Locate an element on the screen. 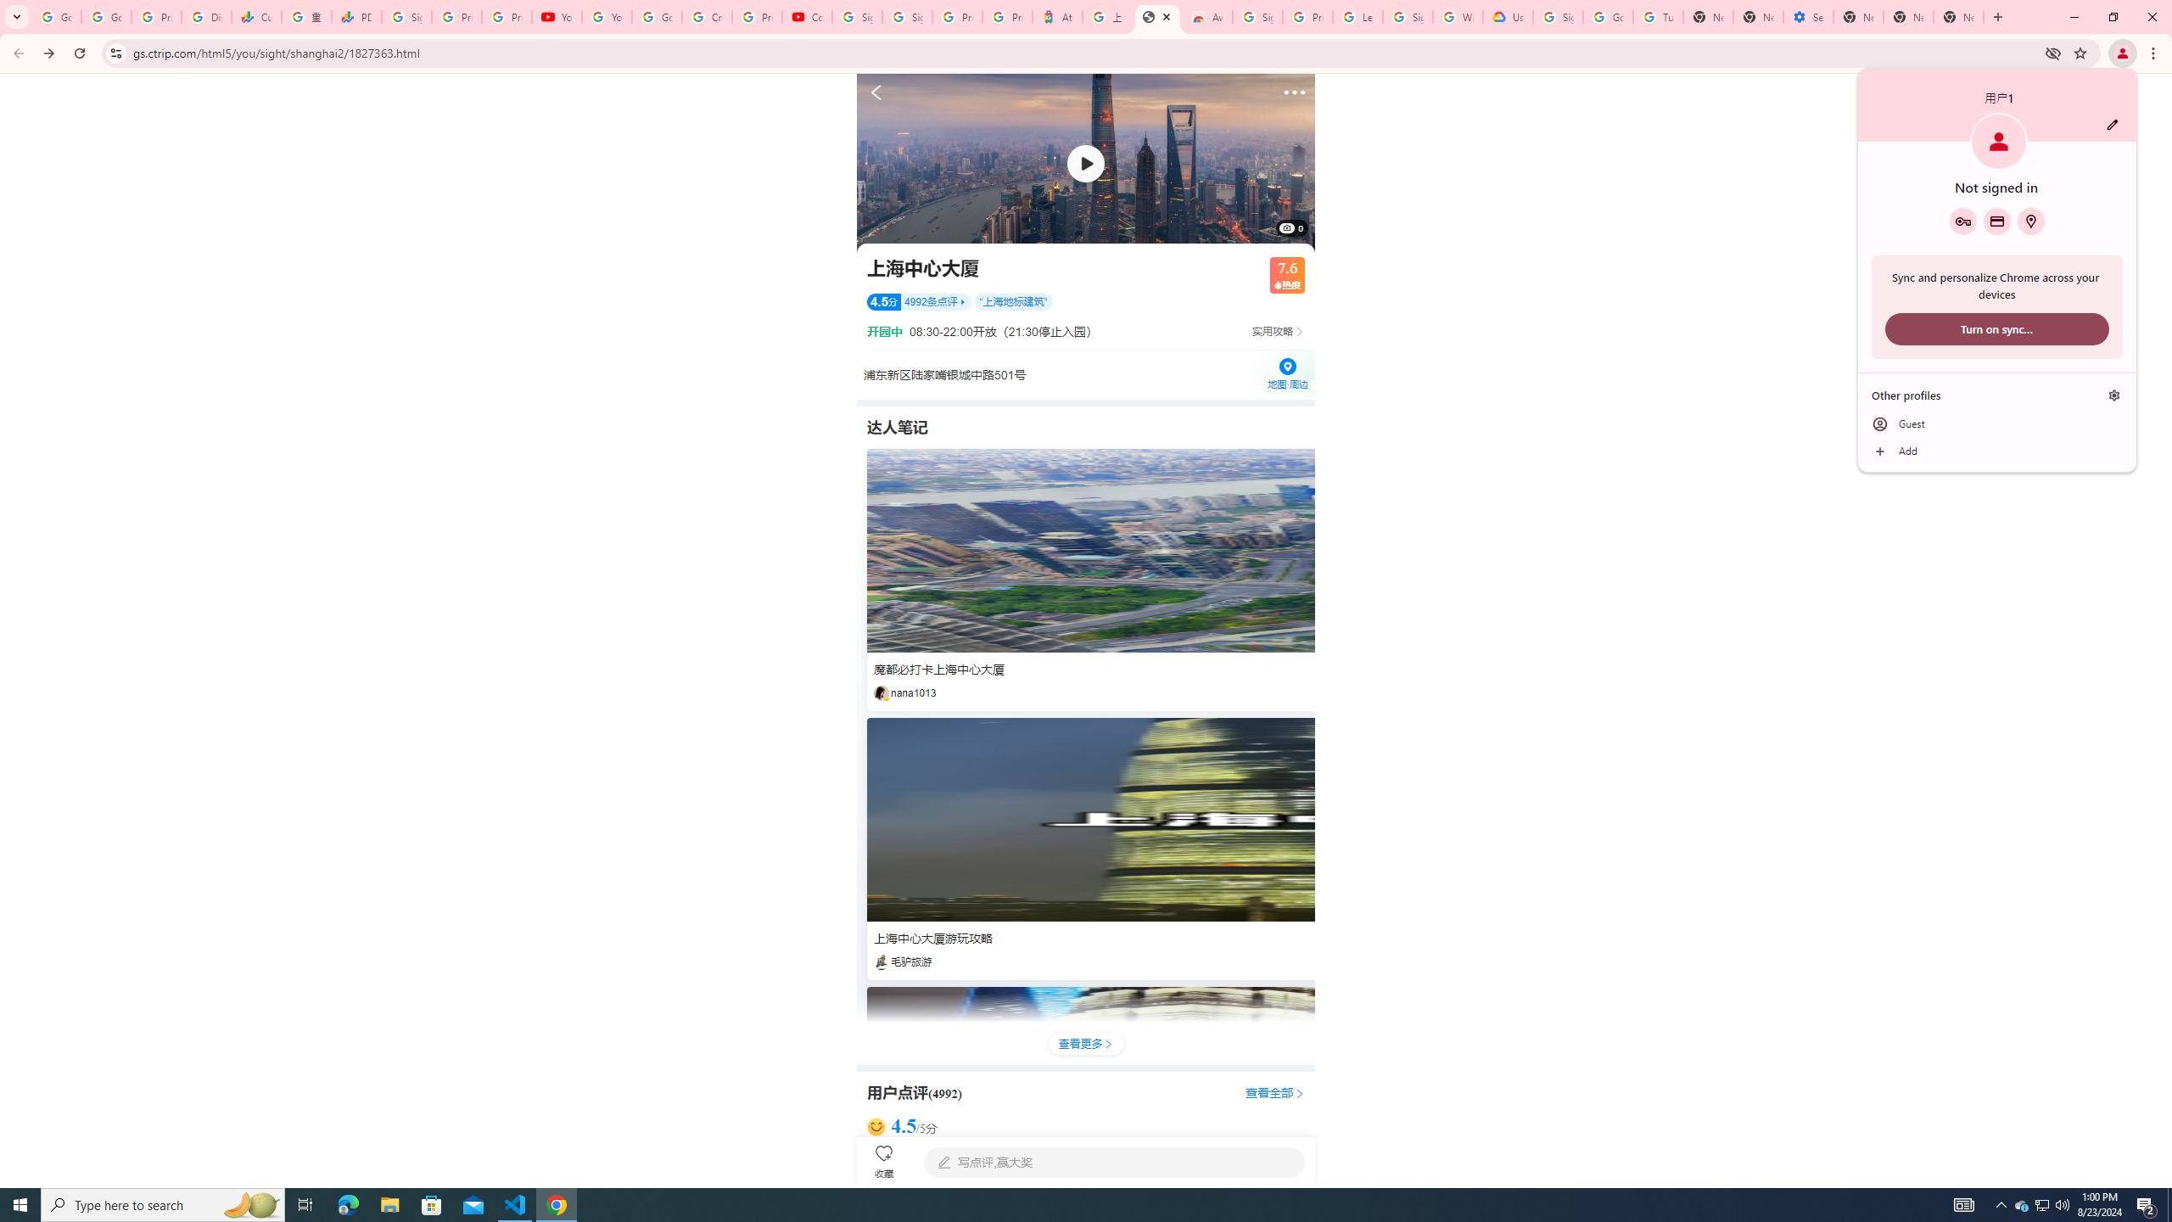  'Notification Chevron' is located at coordinates (2001, 1203).